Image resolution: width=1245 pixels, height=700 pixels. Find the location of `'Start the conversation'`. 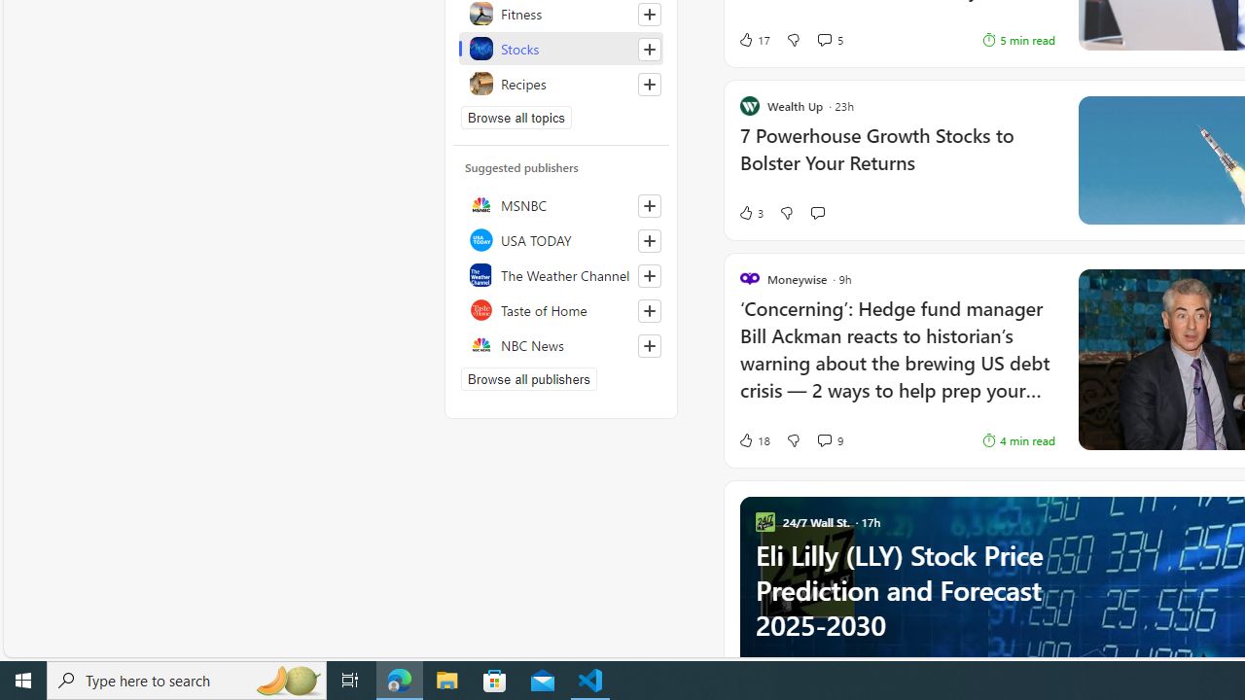

'Start the conversation' is located at coordinates (817, 213).